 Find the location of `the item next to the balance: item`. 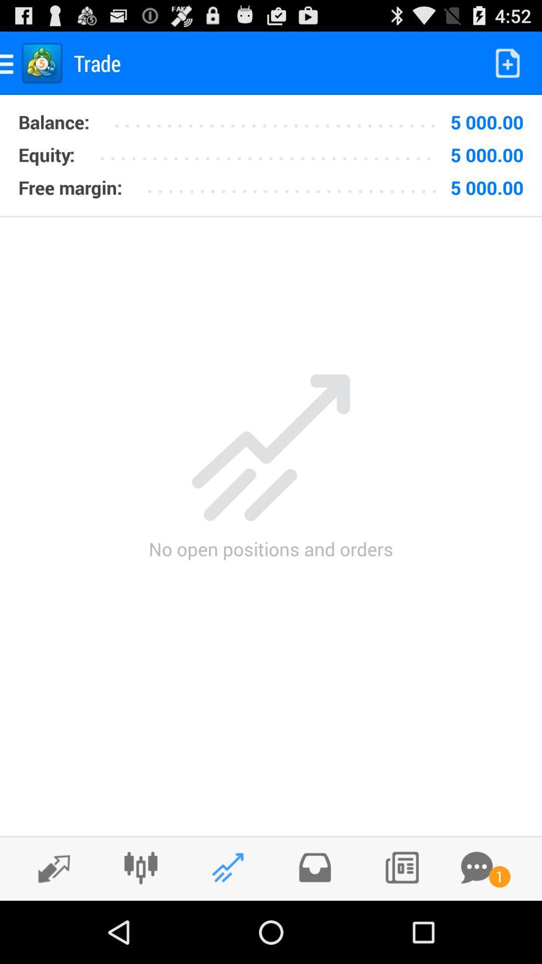

the item next to the balance: item is located at coordinates (272, 151).